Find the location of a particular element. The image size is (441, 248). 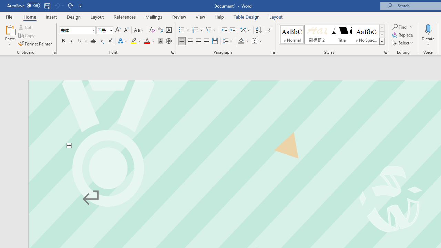

'Bullets' is located at coordinates (184, 30).